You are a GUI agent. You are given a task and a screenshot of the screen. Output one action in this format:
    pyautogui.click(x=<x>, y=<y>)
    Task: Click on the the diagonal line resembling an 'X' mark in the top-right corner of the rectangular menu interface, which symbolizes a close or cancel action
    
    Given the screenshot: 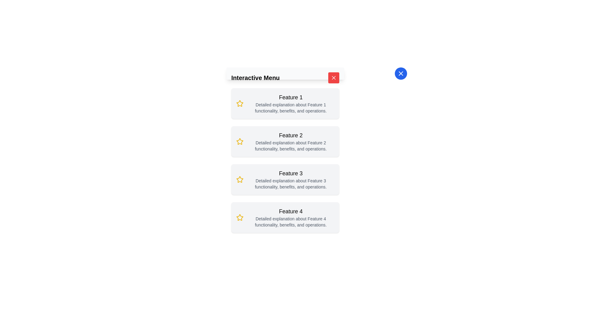 What is the action you would take?
    pyautogui.click(x=401, y=73)
    